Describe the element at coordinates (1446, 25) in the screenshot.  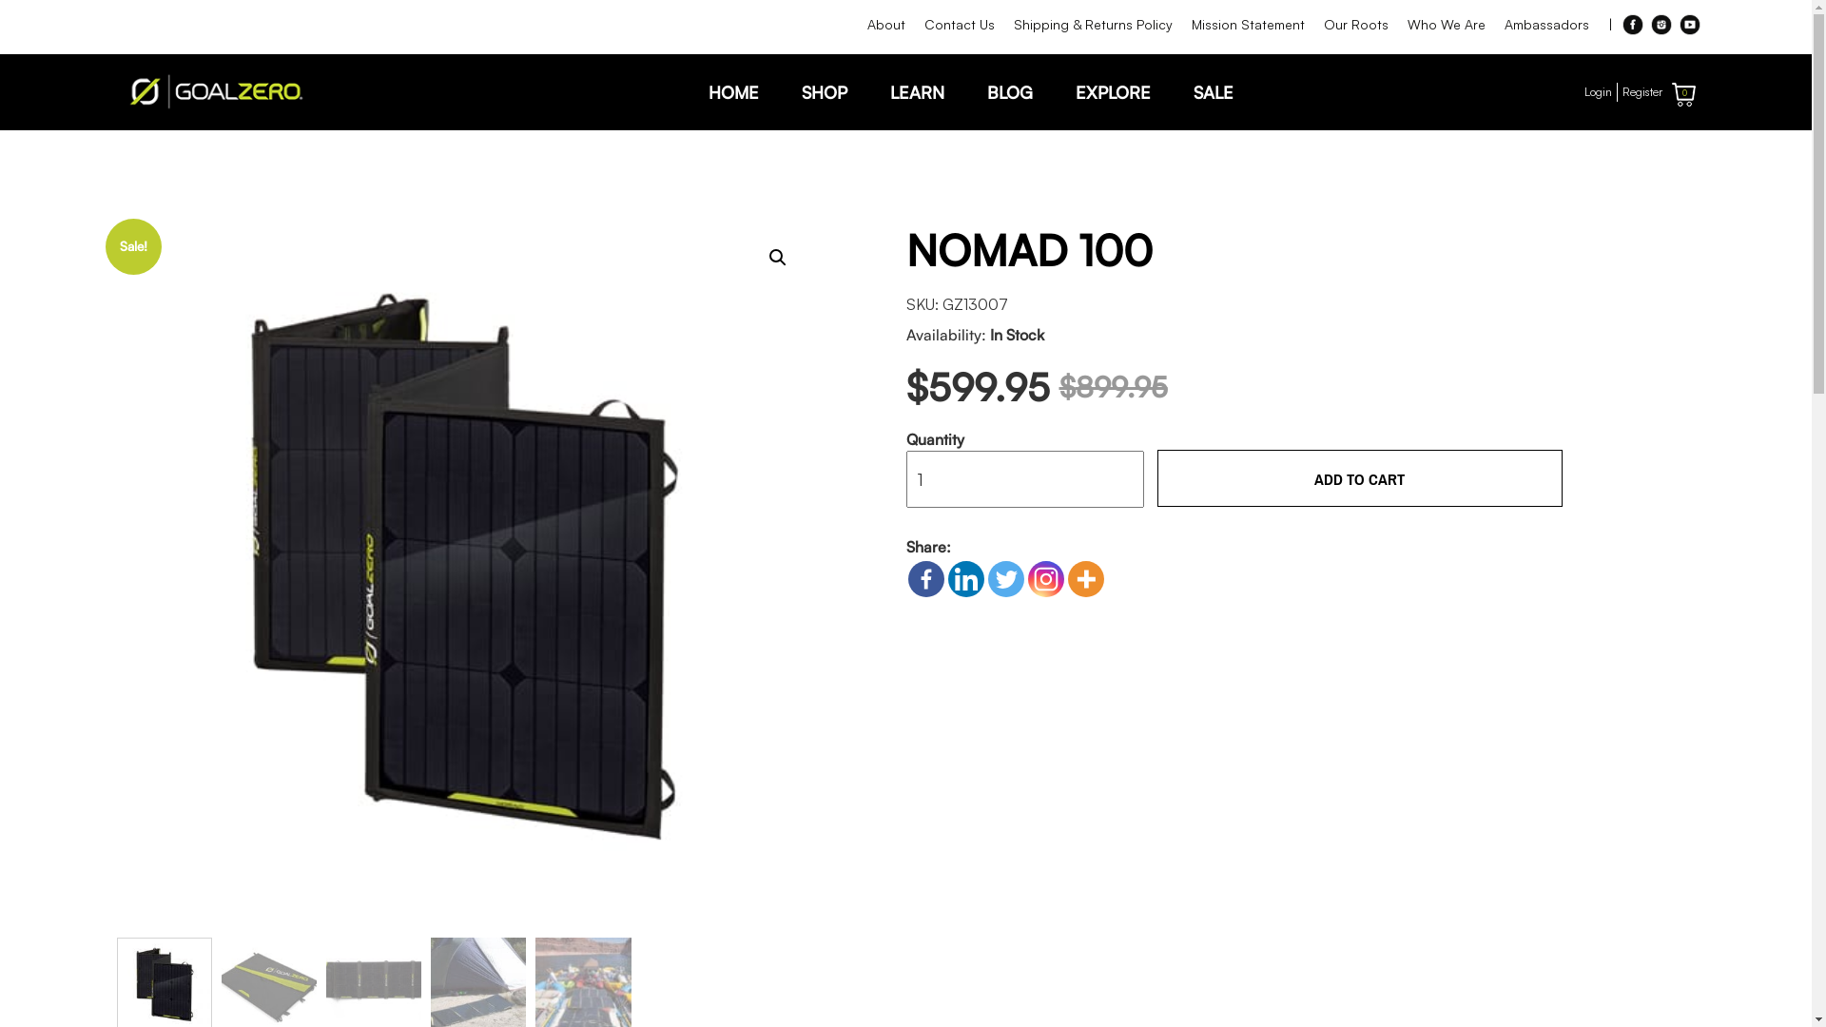
I see `'Who We Are'` at that location.